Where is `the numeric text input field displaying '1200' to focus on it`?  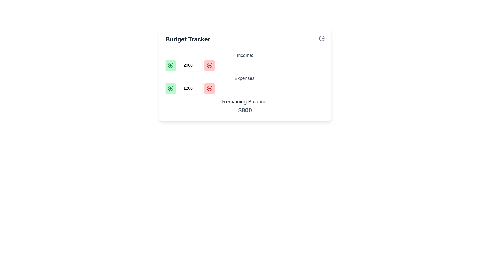
the numeric text input field displaying '1200' to focus on it is located at coordinates (190, 88).